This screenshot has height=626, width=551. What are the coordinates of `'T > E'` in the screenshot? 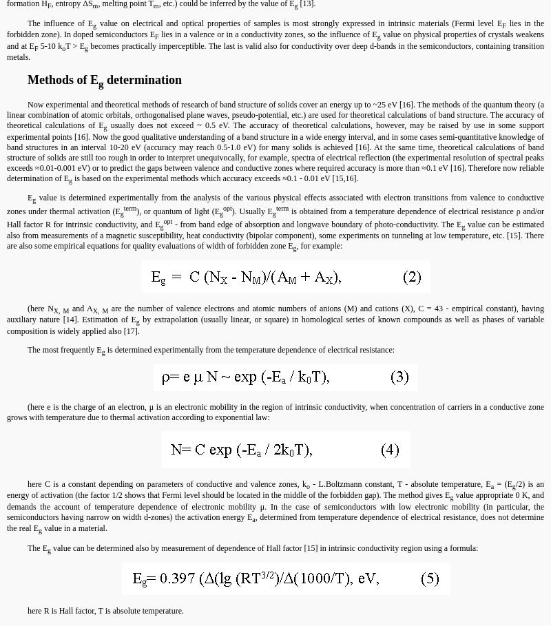 It's located at (74, 45).